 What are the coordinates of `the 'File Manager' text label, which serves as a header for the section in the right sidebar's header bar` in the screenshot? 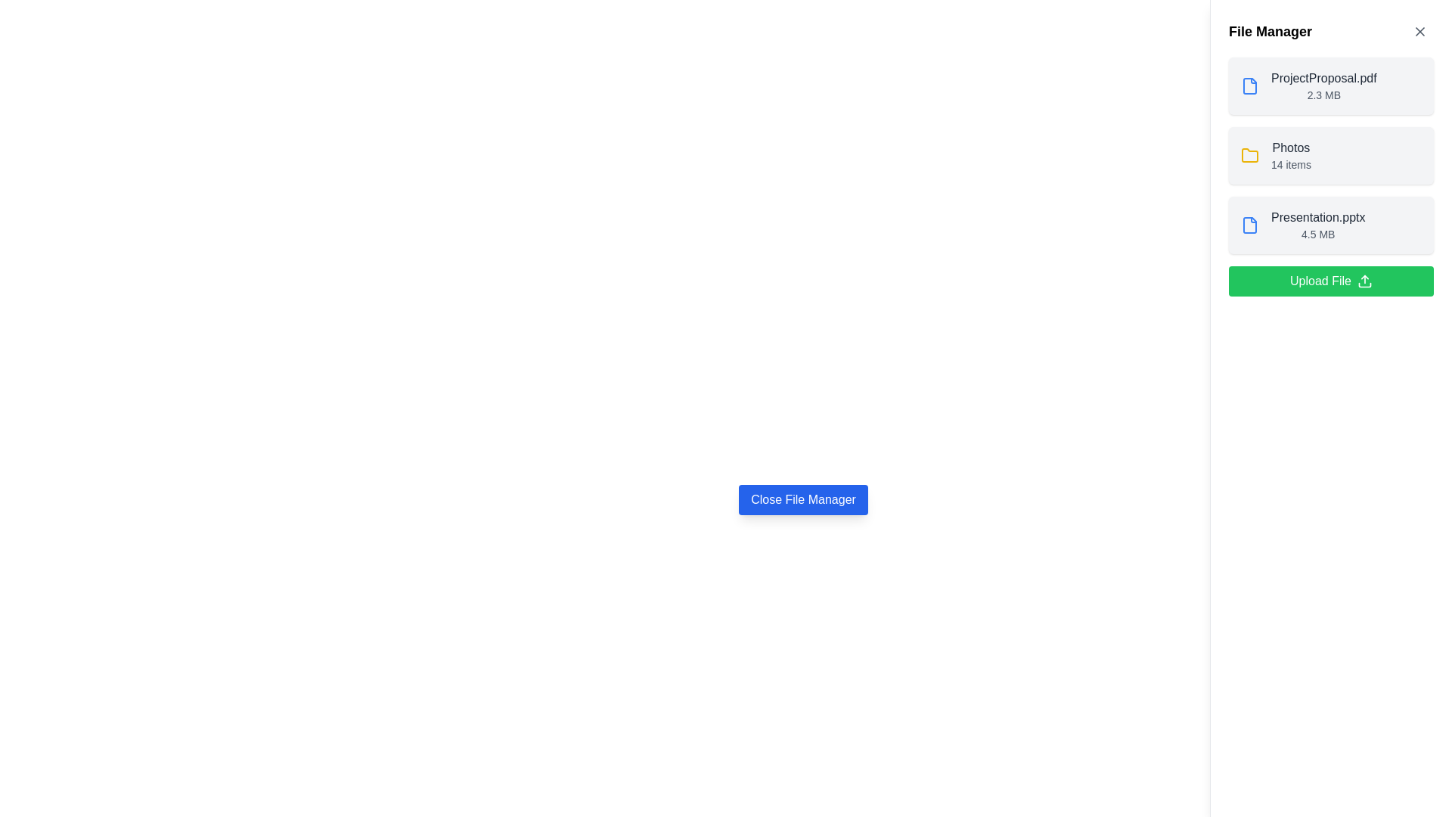 It's located at (1270, 32).